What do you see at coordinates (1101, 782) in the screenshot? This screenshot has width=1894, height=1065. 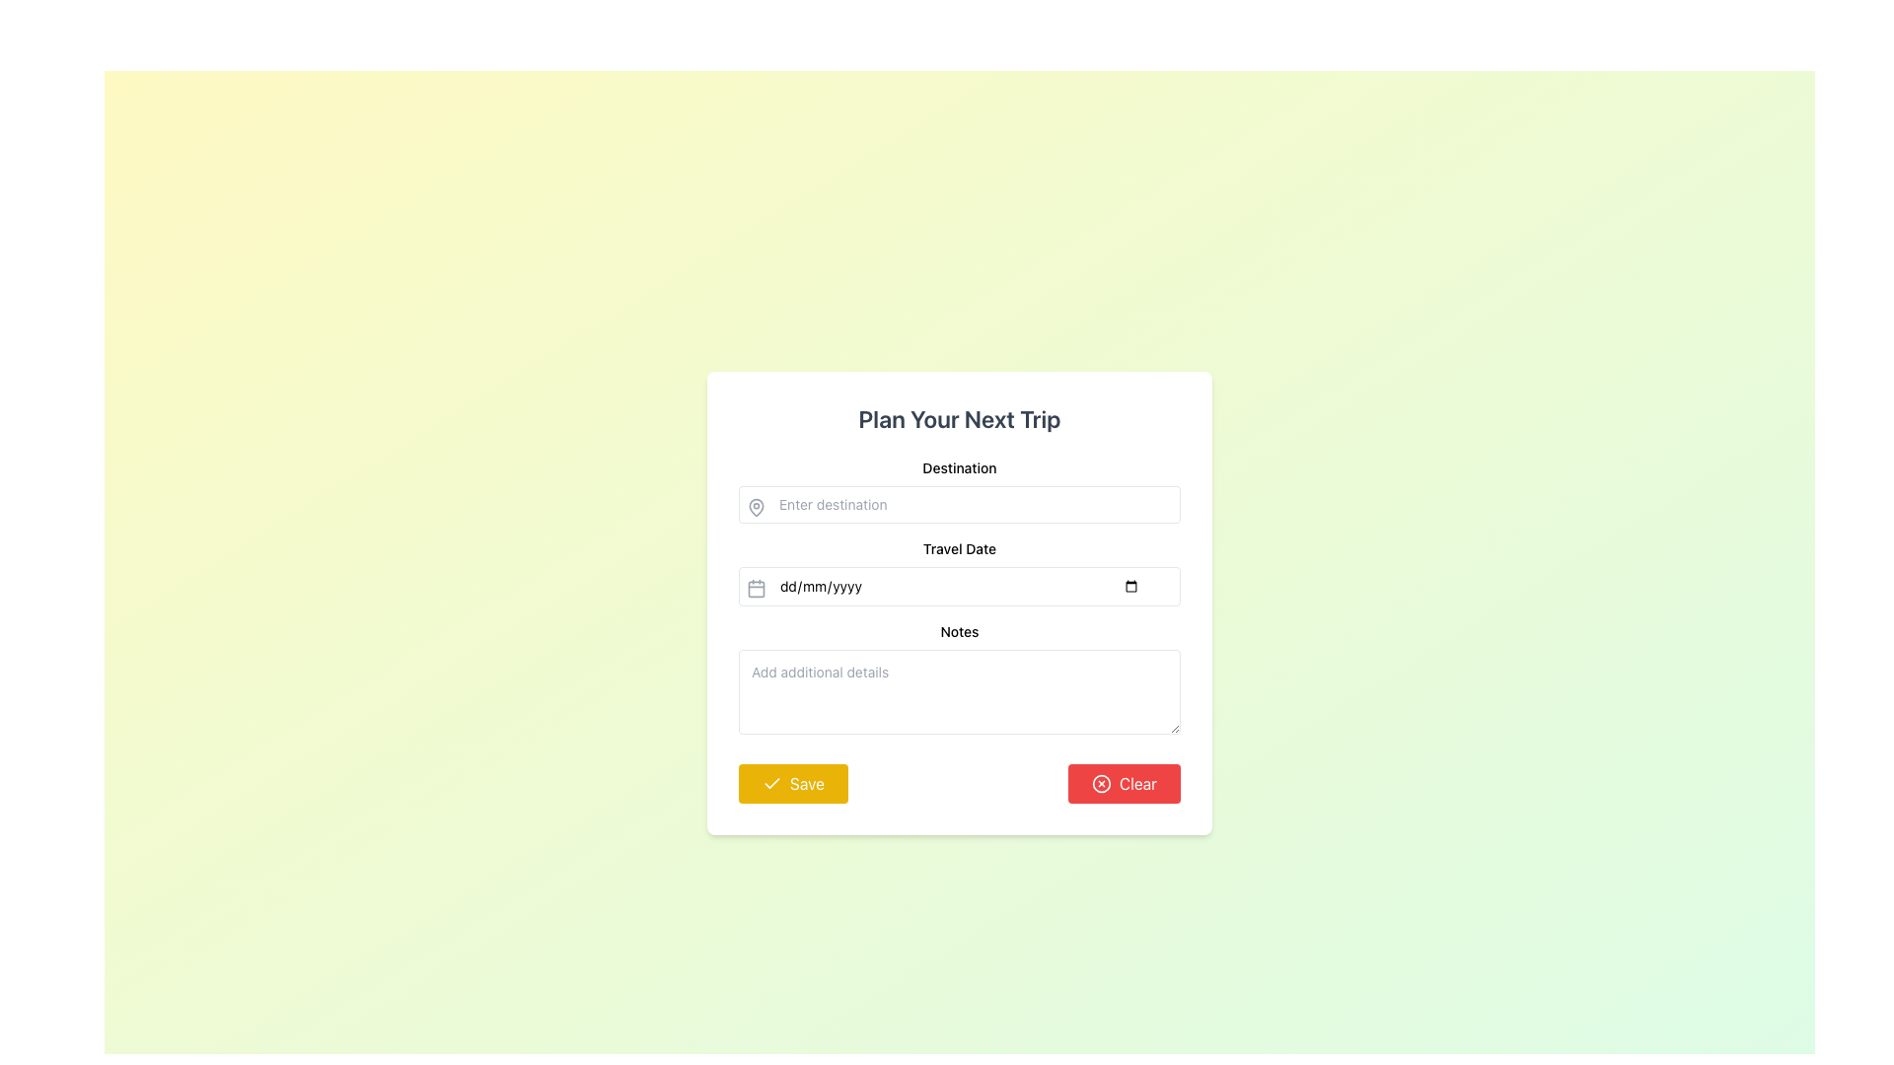 I see `the 'Clear' action icon located inside the 'Clear' button at the bottom-right corner of the form card, slightly to the left of the button` at bounding box center [1101, 782].